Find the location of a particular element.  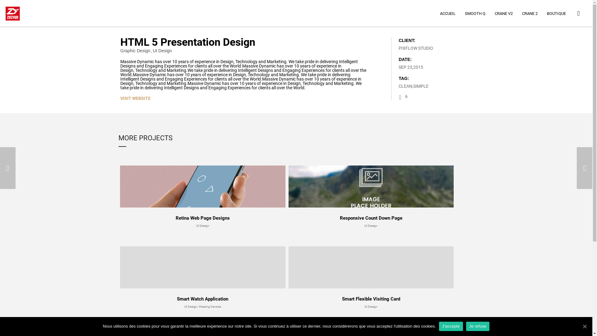

'ACCUEIL' is located at coordinates (448, 13).